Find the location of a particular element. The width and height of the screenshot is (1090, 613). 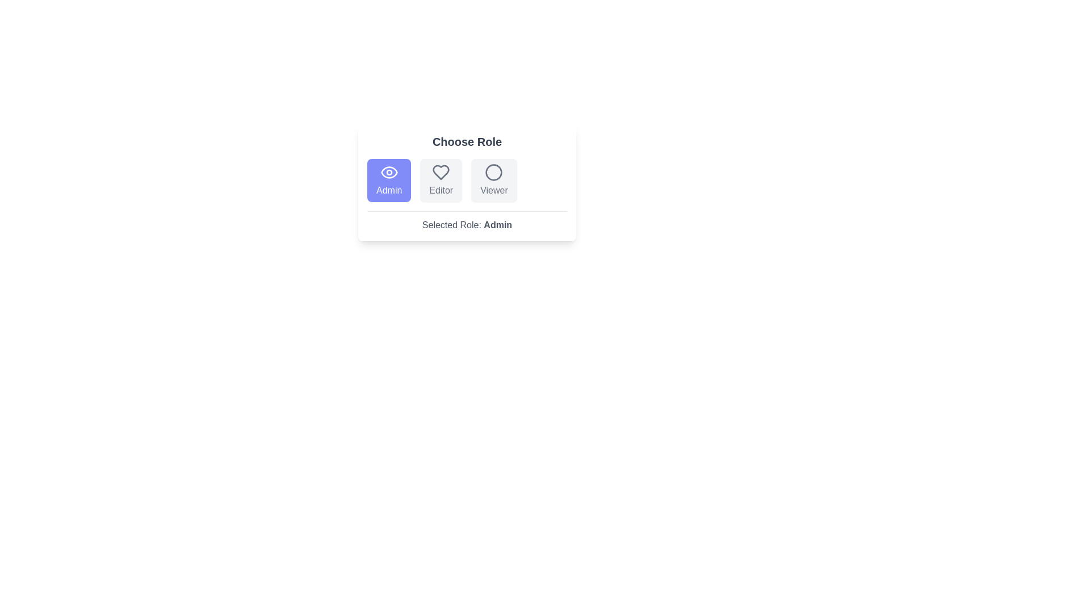

the leftmost button in the group of three buttons is located at coordinates (389, 179).